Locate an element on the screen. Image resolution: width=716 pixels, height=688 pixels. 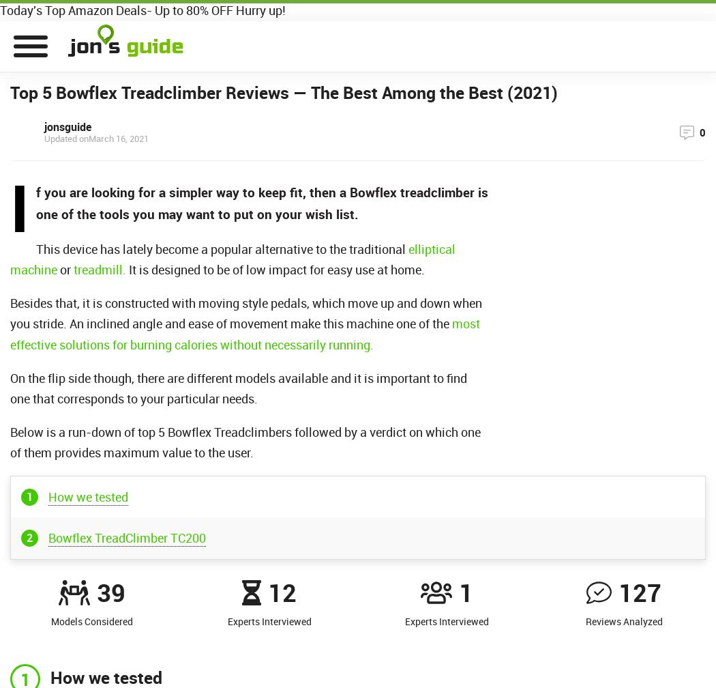
'treadmill.' is located at coordinates (99, 270).